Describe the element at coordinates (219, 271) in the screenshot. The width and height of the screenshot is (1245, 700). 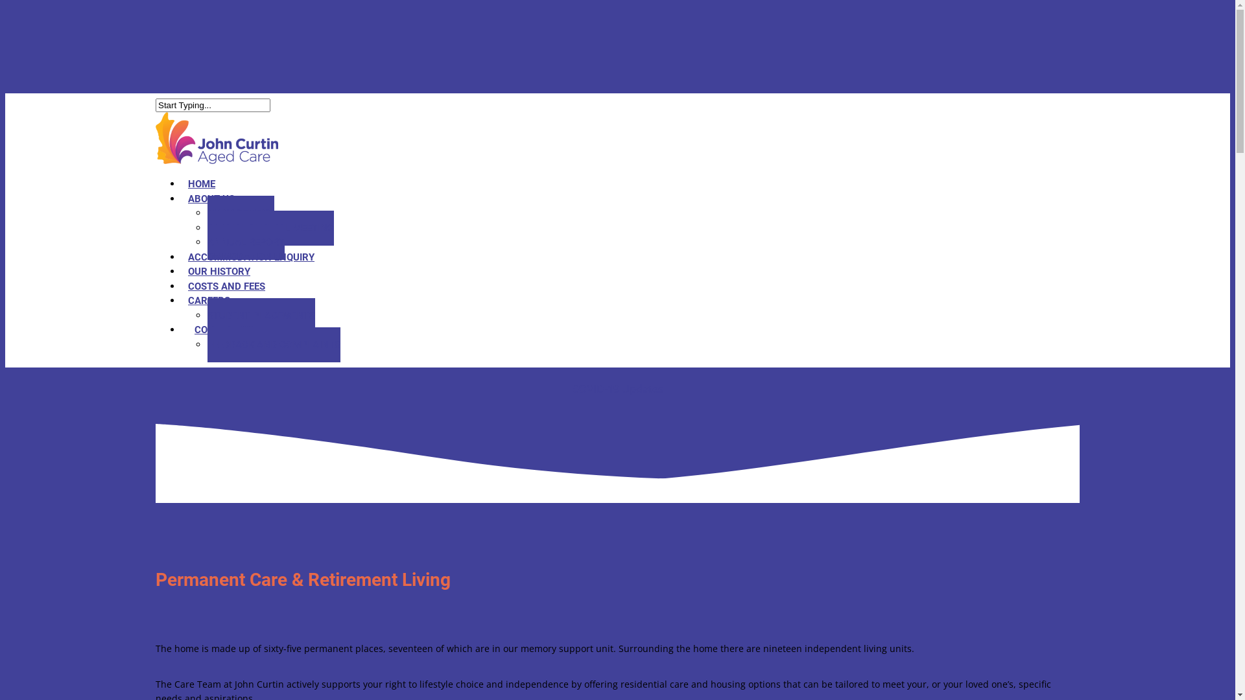
I see `'OUR HISTORY'` at that location.